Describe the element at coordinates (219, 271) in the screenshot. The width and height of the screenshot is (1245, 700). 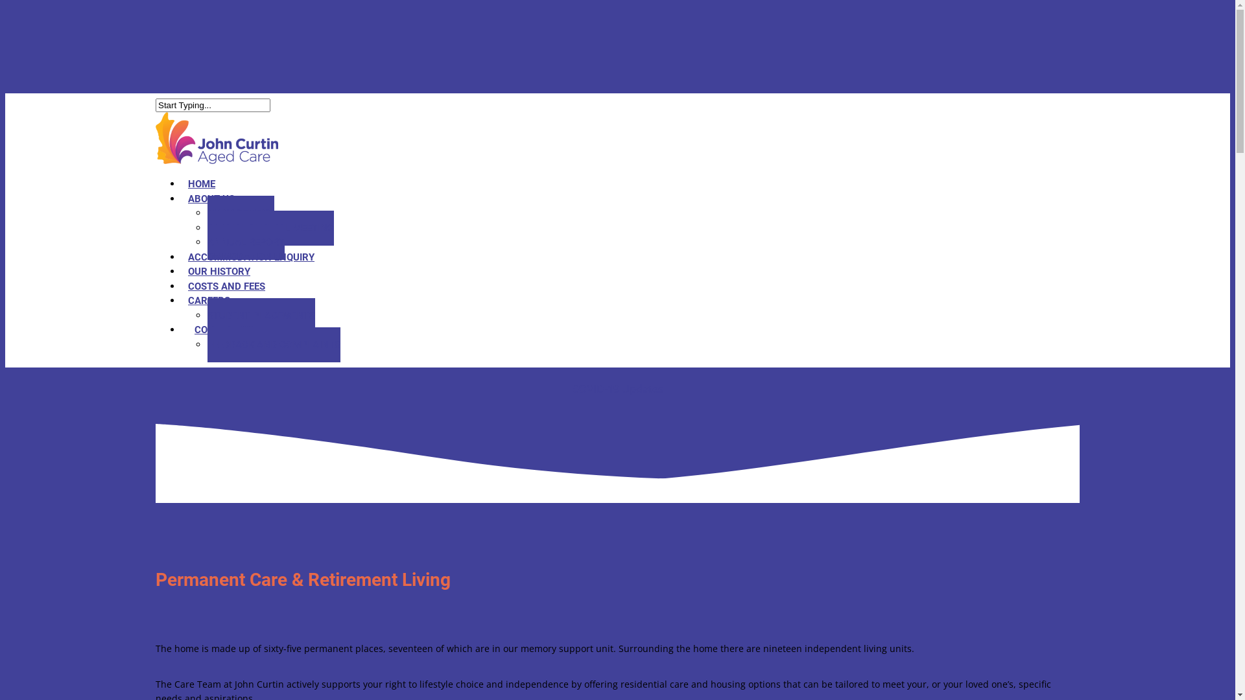
I see `'OUR HISTORY'` at that location.